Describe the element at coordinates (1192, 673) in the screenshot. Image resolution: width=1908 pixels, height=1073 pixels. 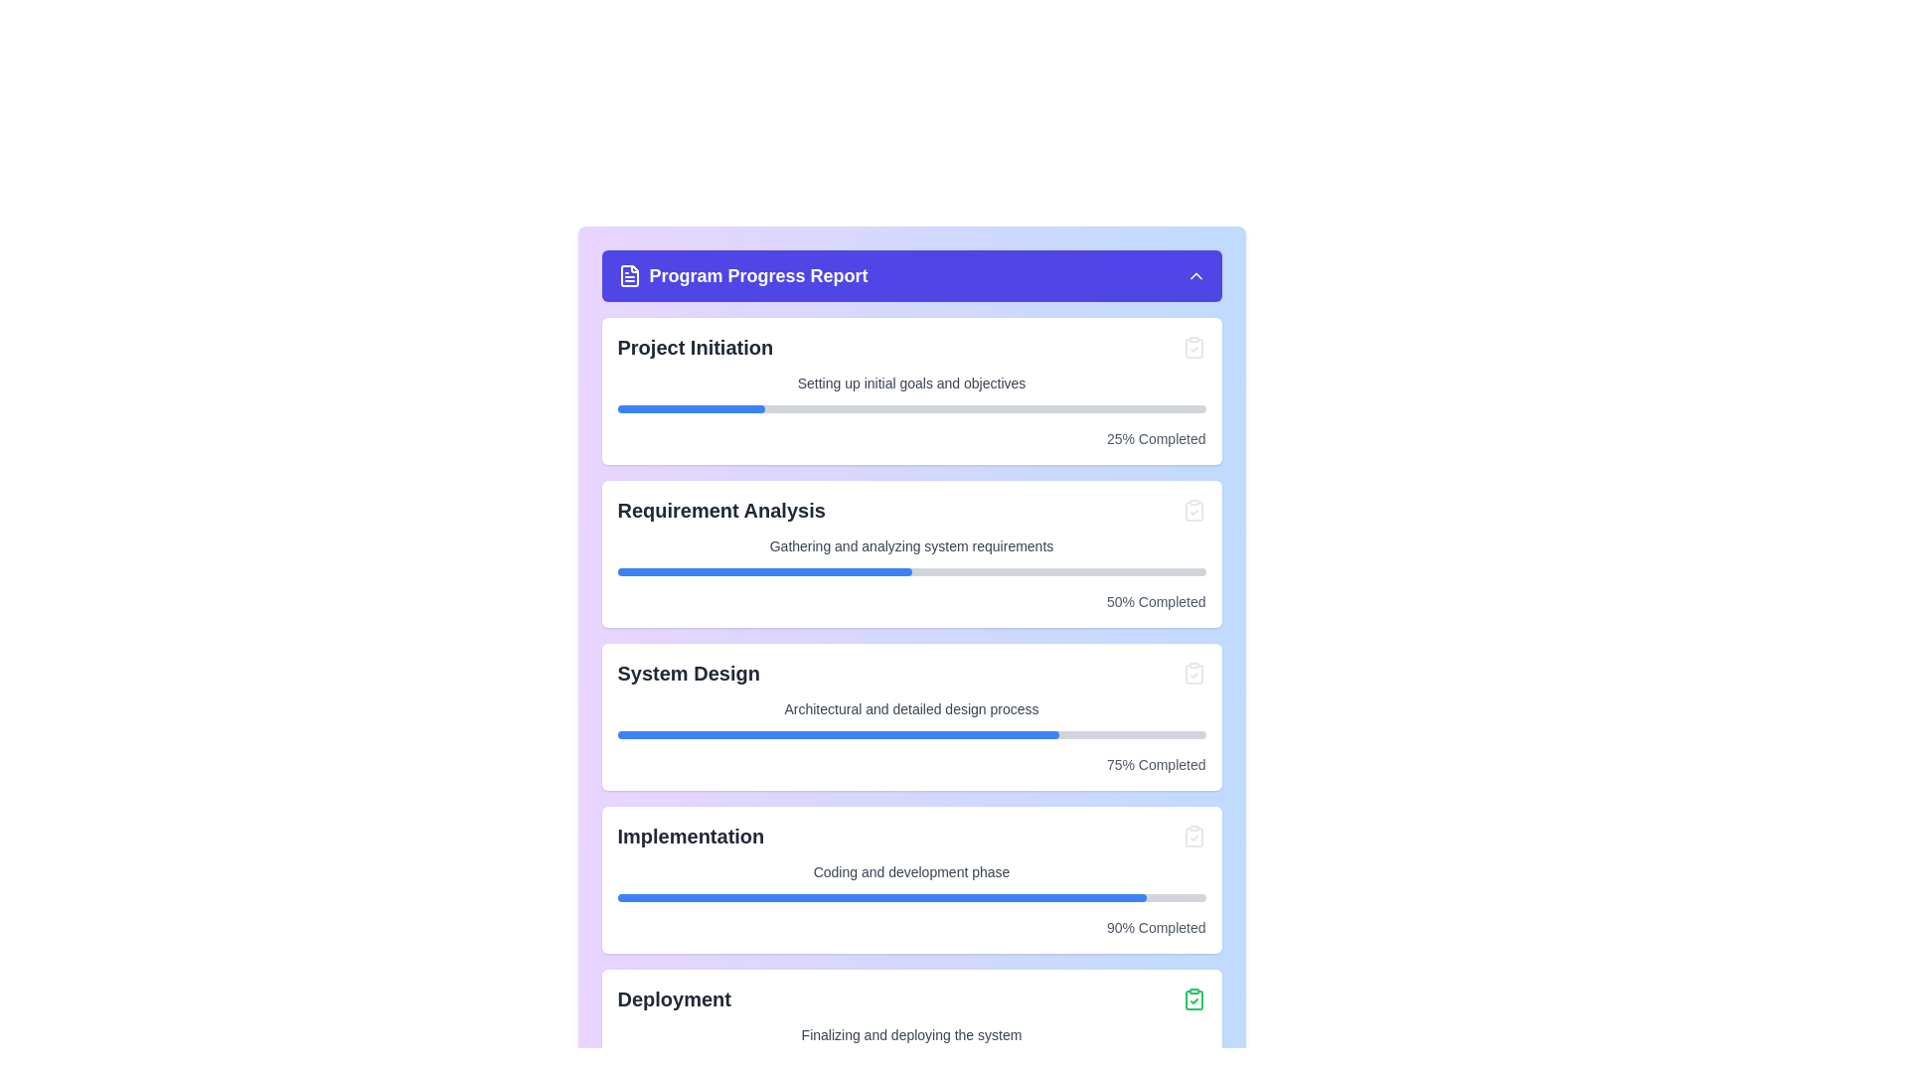
I see `the SVG clipboard icon with a checkmark, indicating a completed state, located on the far right of the 'System Design' section in the progress report interface` at that location.